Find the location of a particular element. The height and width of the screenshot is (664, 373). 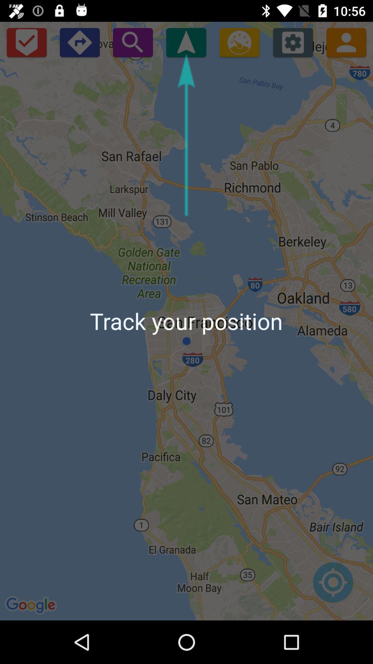

search bar is located at coordinates (133, 42).